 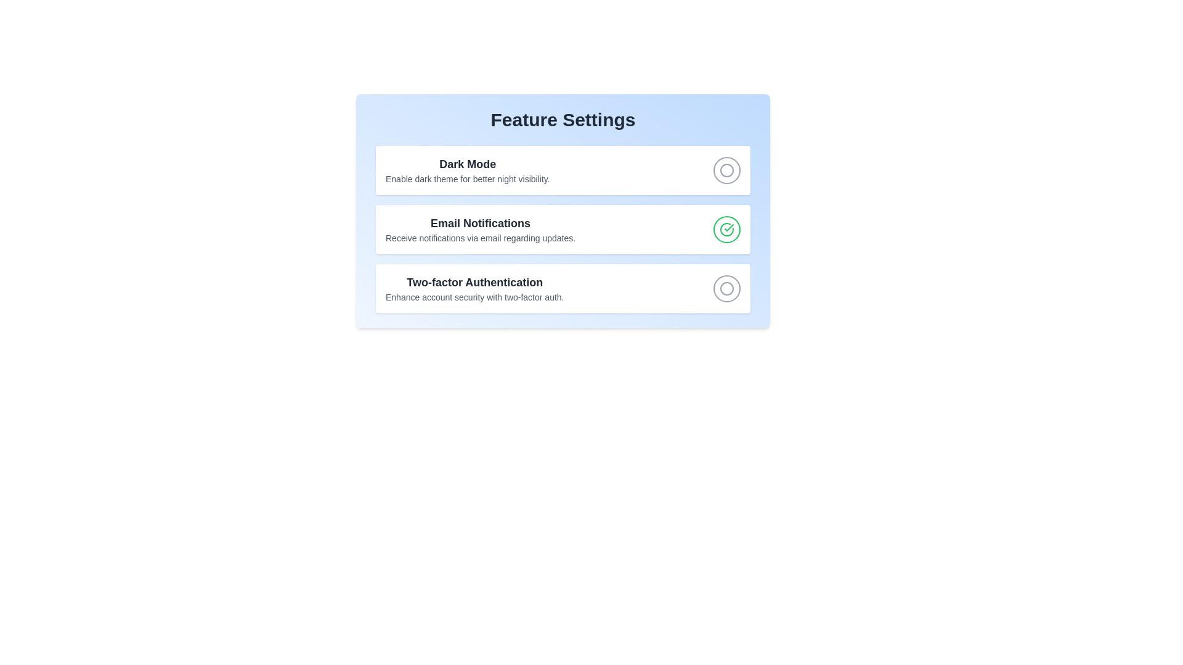 What do you see at coordinates (727, 230) in the screenshot?
I see `the 'Email Notifications' toggle button located` at bounding box center [727, 230].